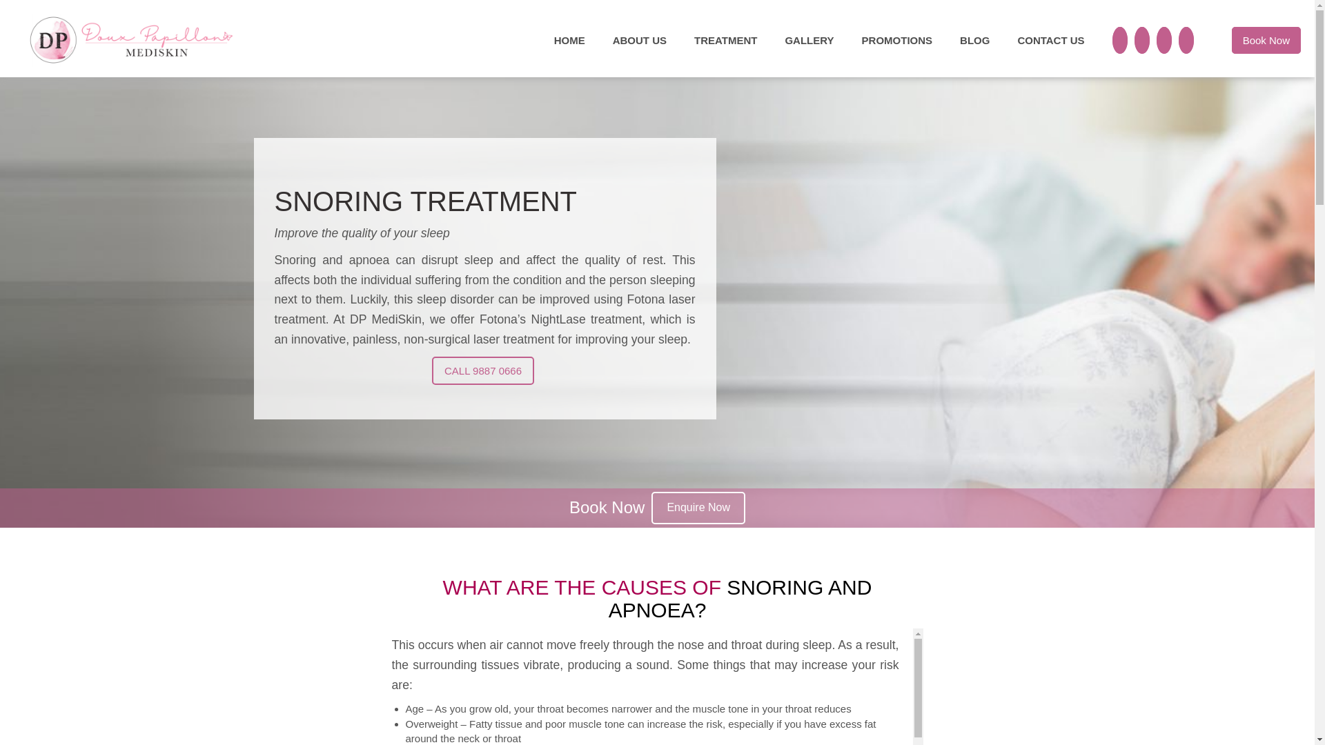  Describe the element at coordinates (809, 39) in the screenshot. I see `'GALLERY'` at that location.